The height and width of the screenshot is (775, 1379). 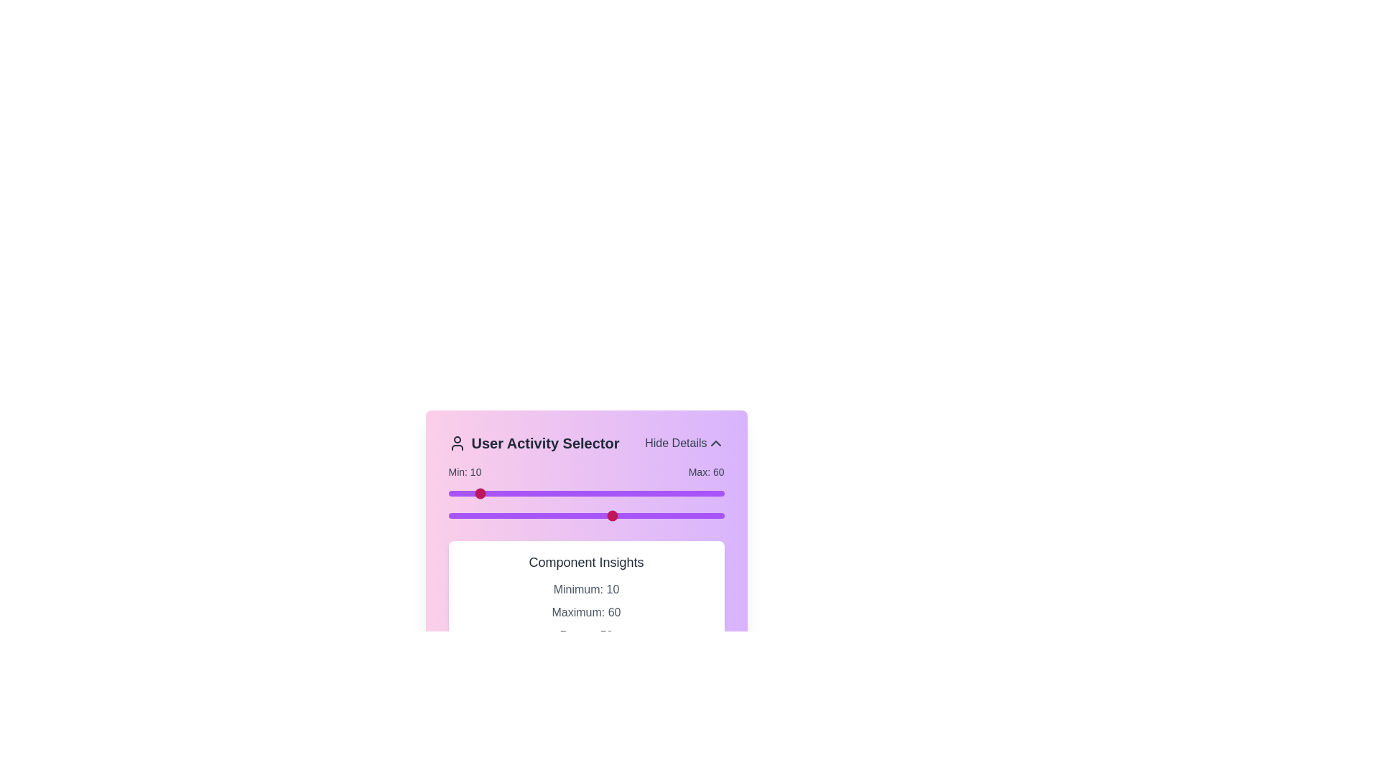 What do you see at coordinates (517, 492) in the screenshot?
I see `the slider to set the range value to 25` at bounding box center [517, 492].